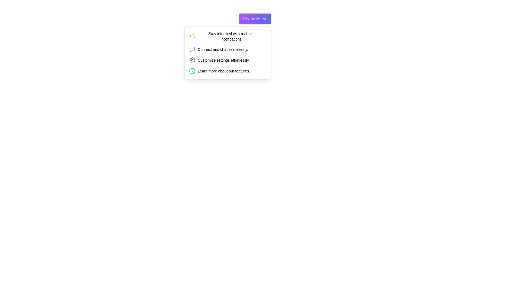 The width and height of the screenshot is (520, 292). I want to click on the Gear/Settings icon, which is the third icon in a vertical list related to customization and modifying preferences, aligned with the text 'Customize settings effortlessly.', so click(192, 60).